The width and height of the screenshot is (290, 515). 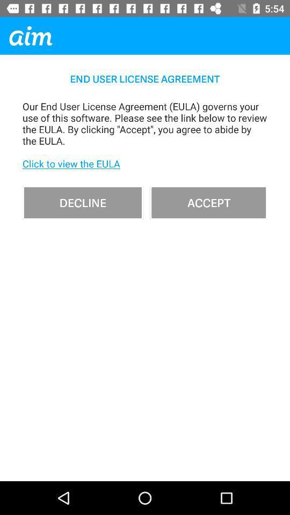 What do you see at coordinates (82, 202) in the screenshot?
I see `button next to accept item` at bounding box center [82, 202].